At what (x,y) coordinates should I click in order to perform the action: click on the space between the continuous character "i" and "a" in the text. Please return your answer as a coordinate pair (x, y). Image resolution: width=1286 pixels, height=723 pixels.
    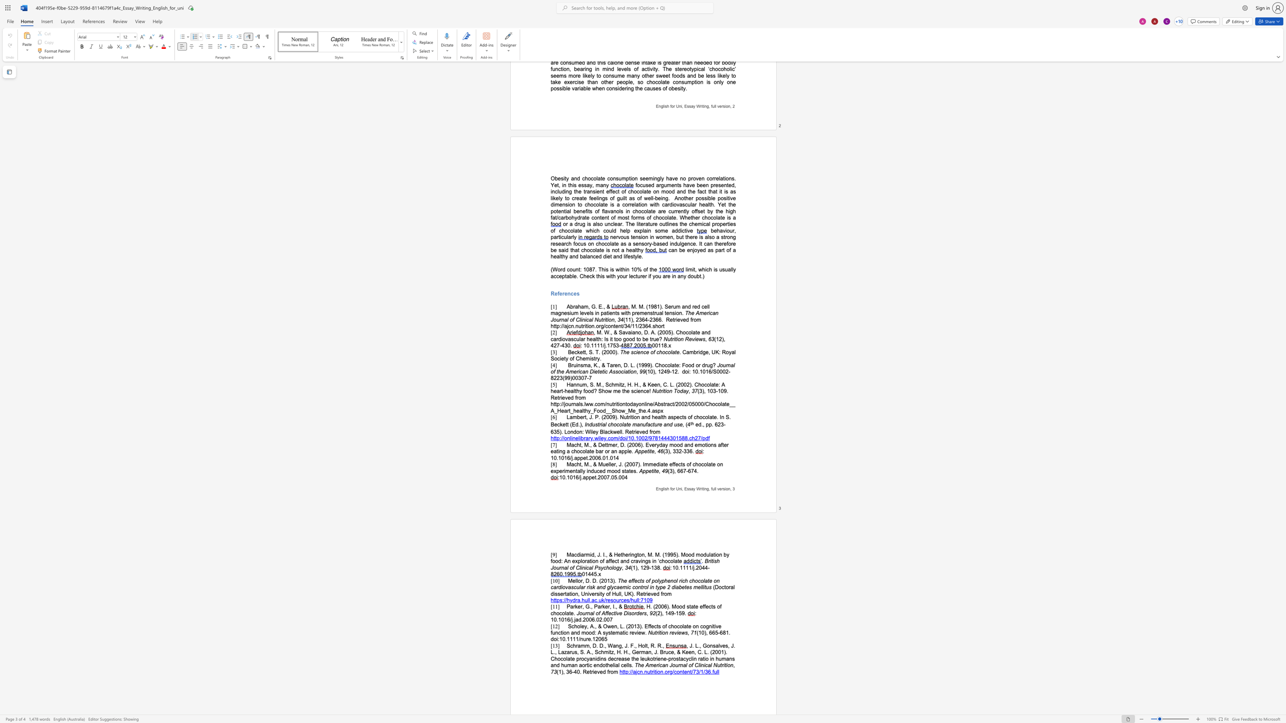
    Looking at the image, I should click on (581, 555).